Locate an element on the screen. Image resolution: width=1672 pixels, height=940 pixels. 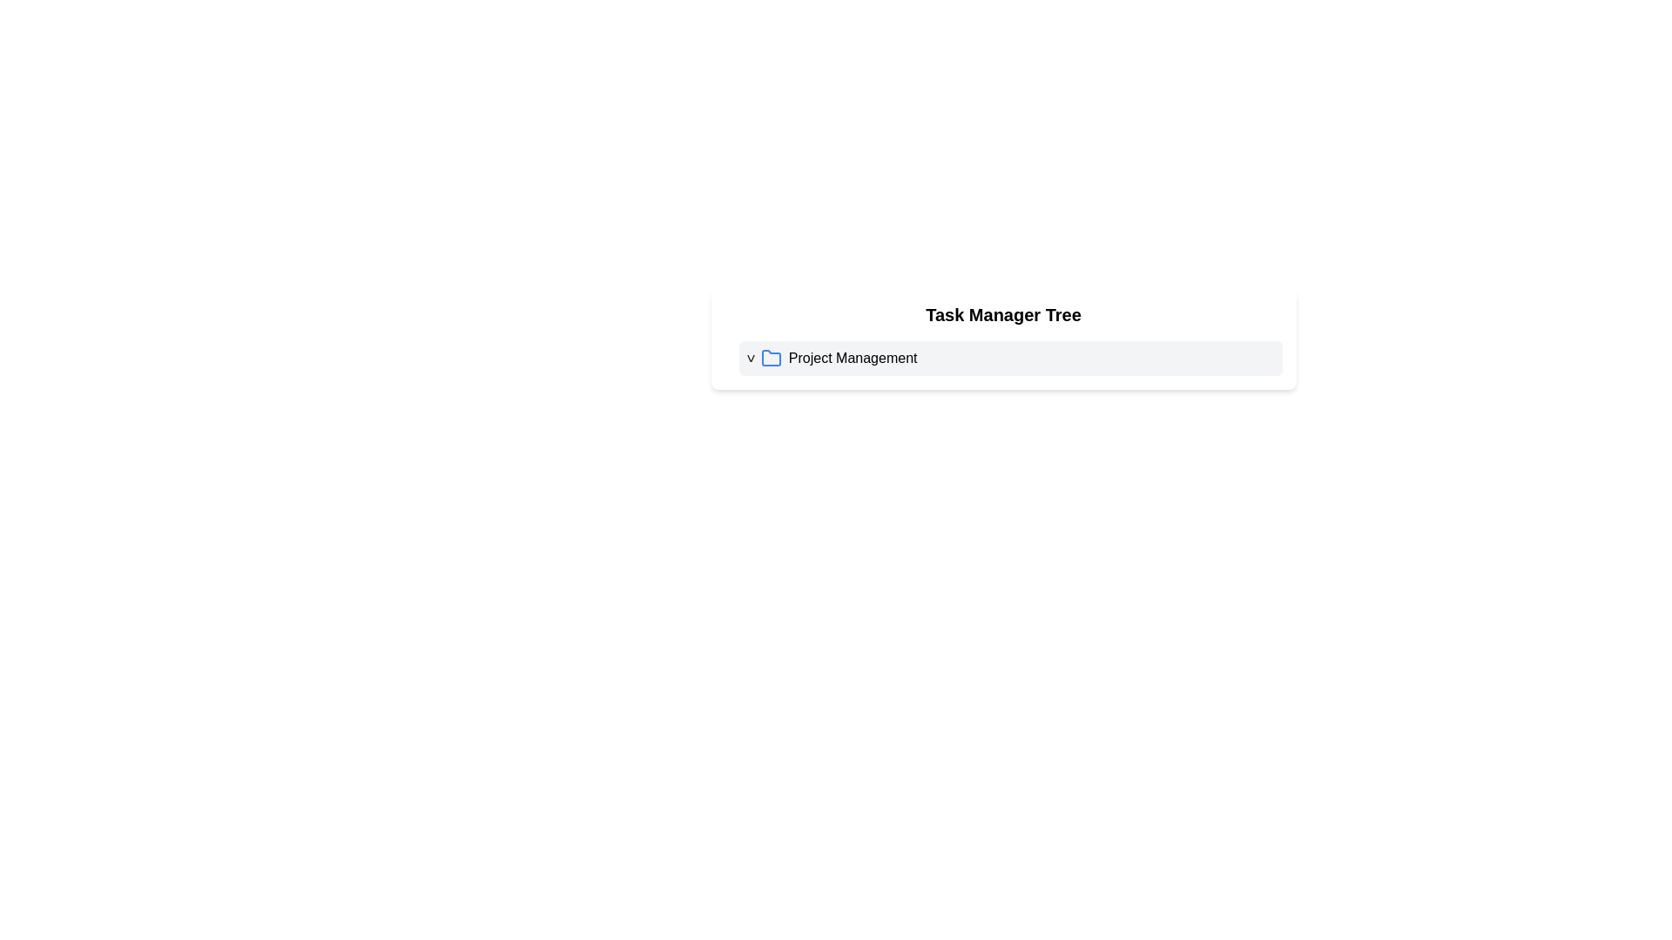
the folder icon located in the 'Task Manager Tree' interface, immediately to the left of the 'Project Management' text is located at coordinates (770, 357).